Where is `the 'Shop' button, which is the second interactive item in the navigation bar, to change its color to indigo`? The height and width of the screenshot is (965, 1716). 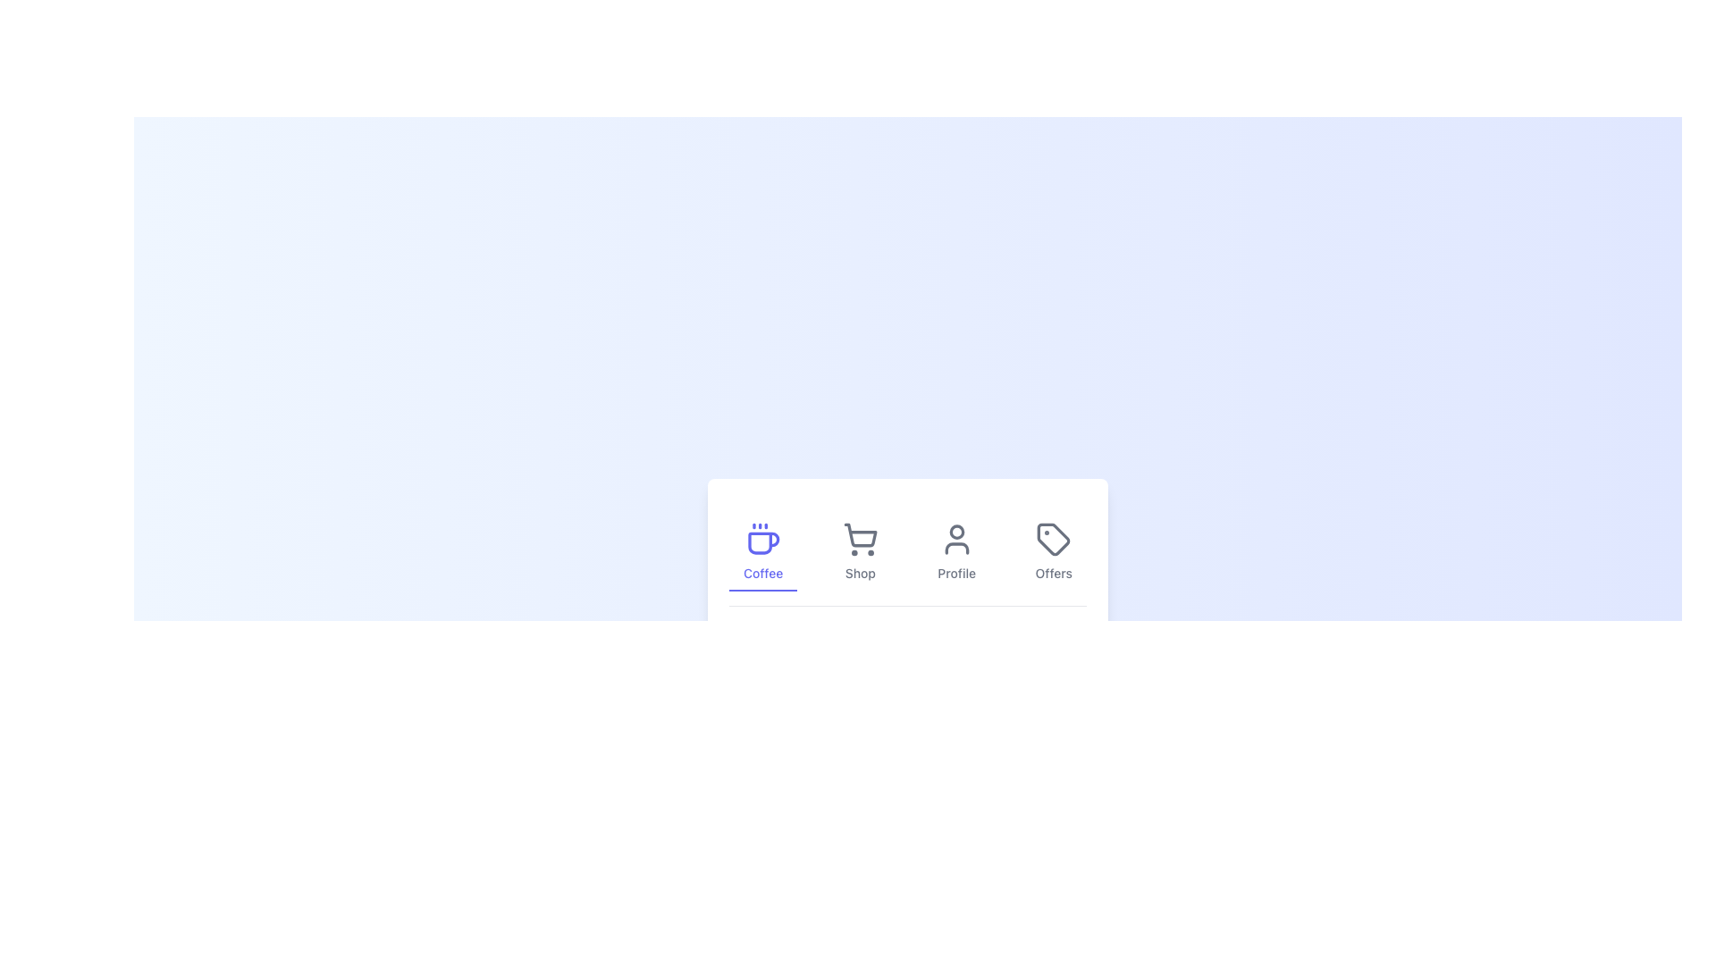 the 'Shop' button, which is the second interactive item in the navigation bar, to change its color to indigo is located at coordinates (860, 551).